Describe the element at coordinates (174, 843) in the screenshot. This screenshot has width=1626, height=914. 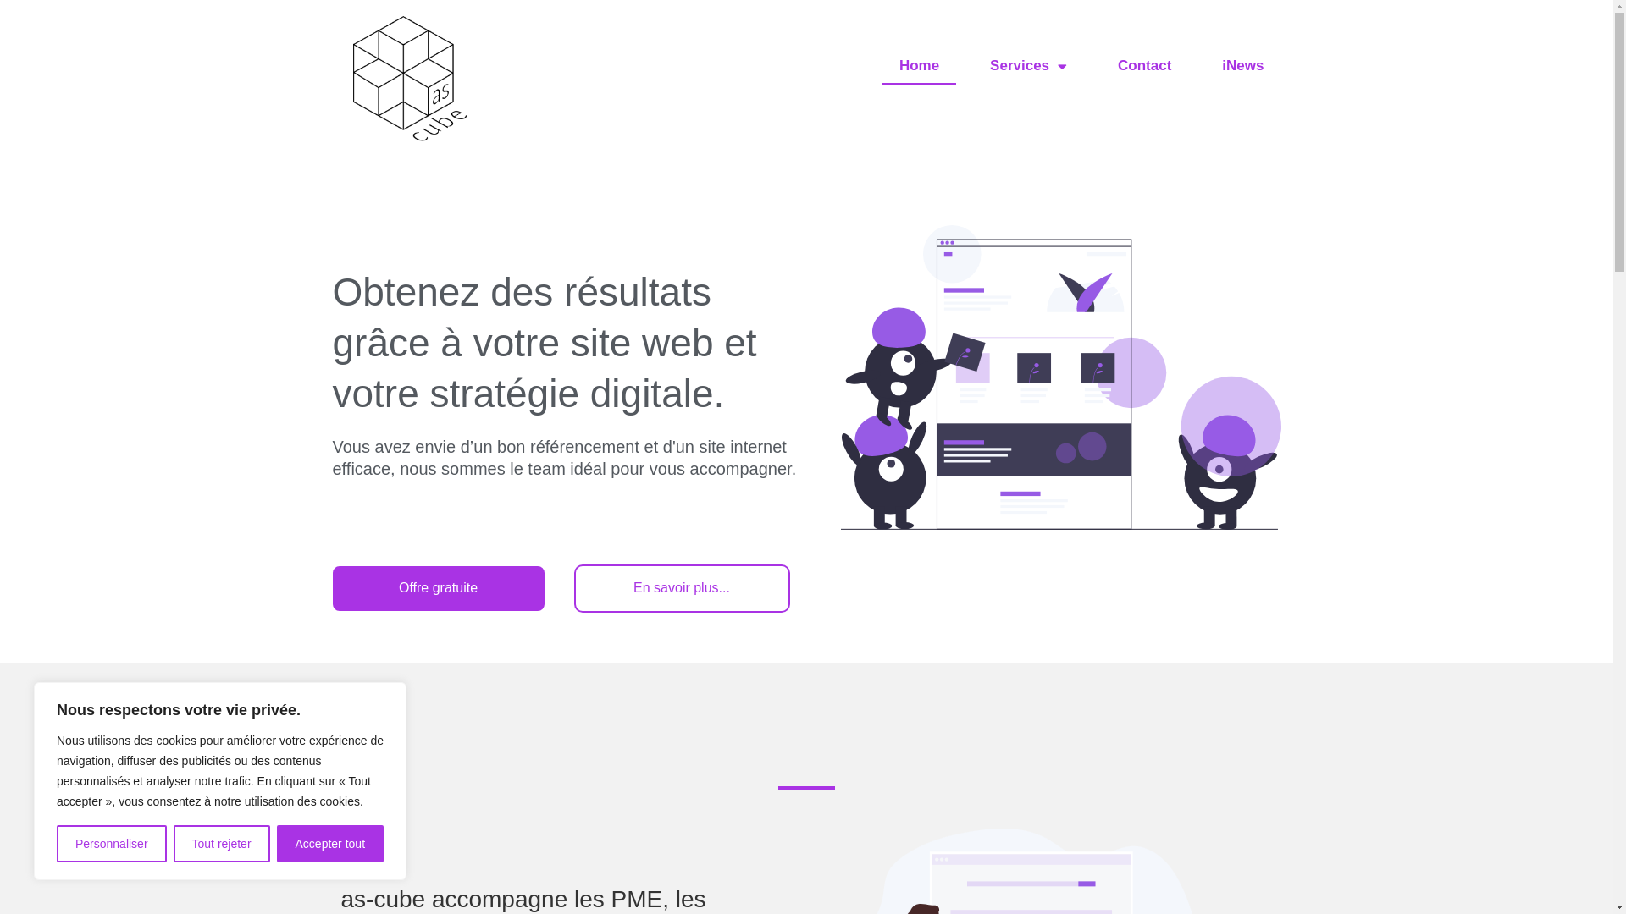
I see `'Tout rejeter'` at that location.